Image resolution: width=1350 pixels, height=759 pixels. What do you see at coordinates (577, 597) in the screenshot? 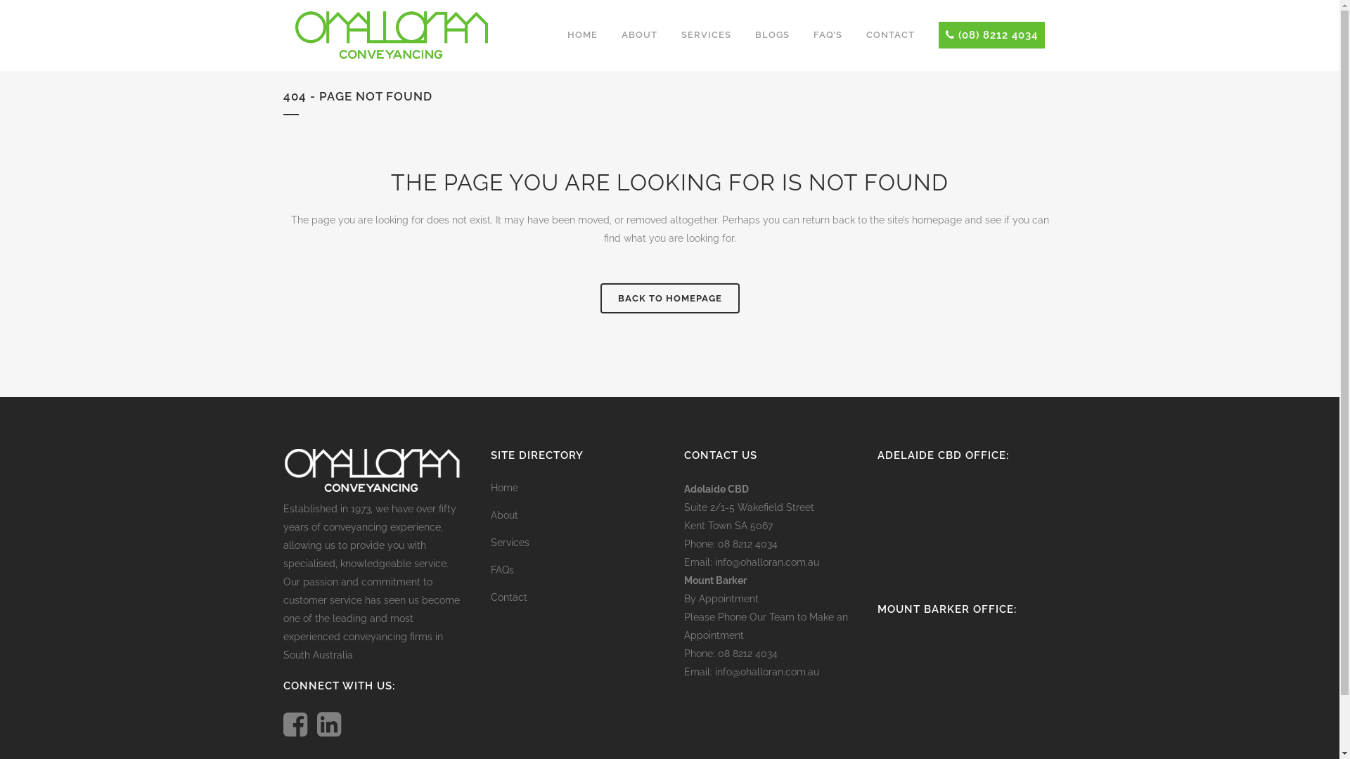
I see `'Contact'` at bounding box center [577, 597].